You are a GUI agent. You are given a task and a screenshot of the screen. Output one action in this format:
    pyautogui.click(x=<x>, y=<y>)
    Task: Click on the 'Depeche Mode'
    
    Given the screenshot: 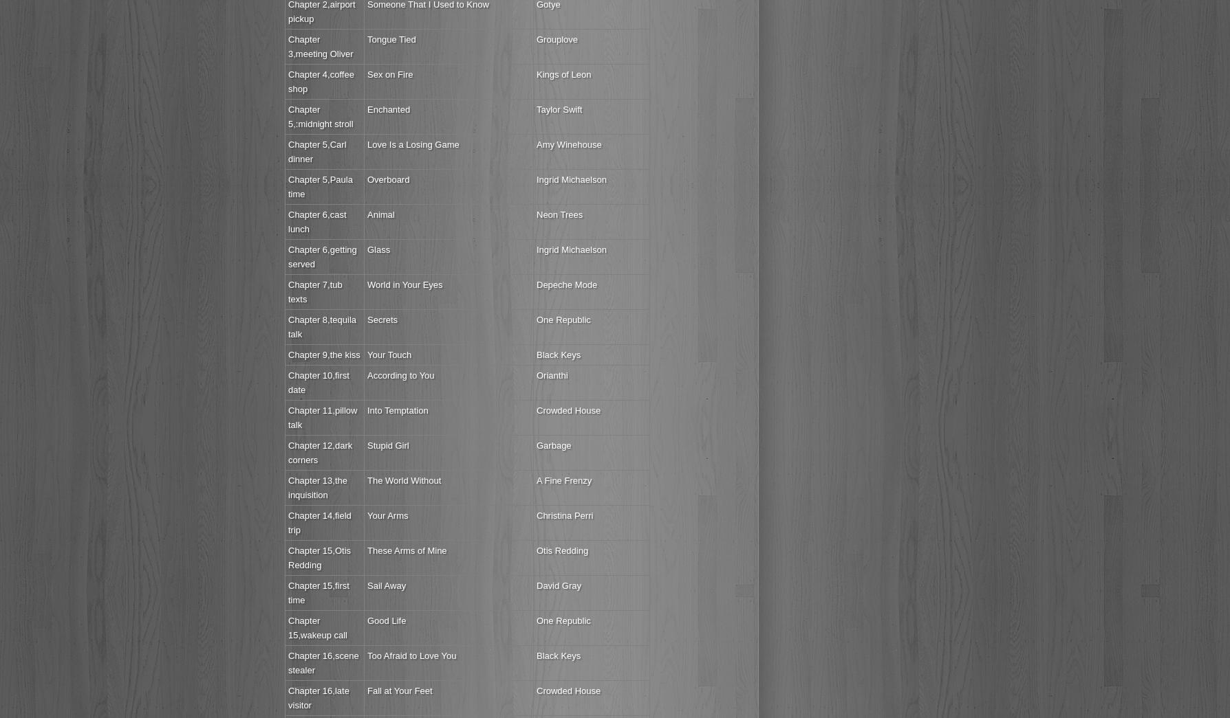 What is the action you would take?
    pyautogui.click(x=566, y=284)
    